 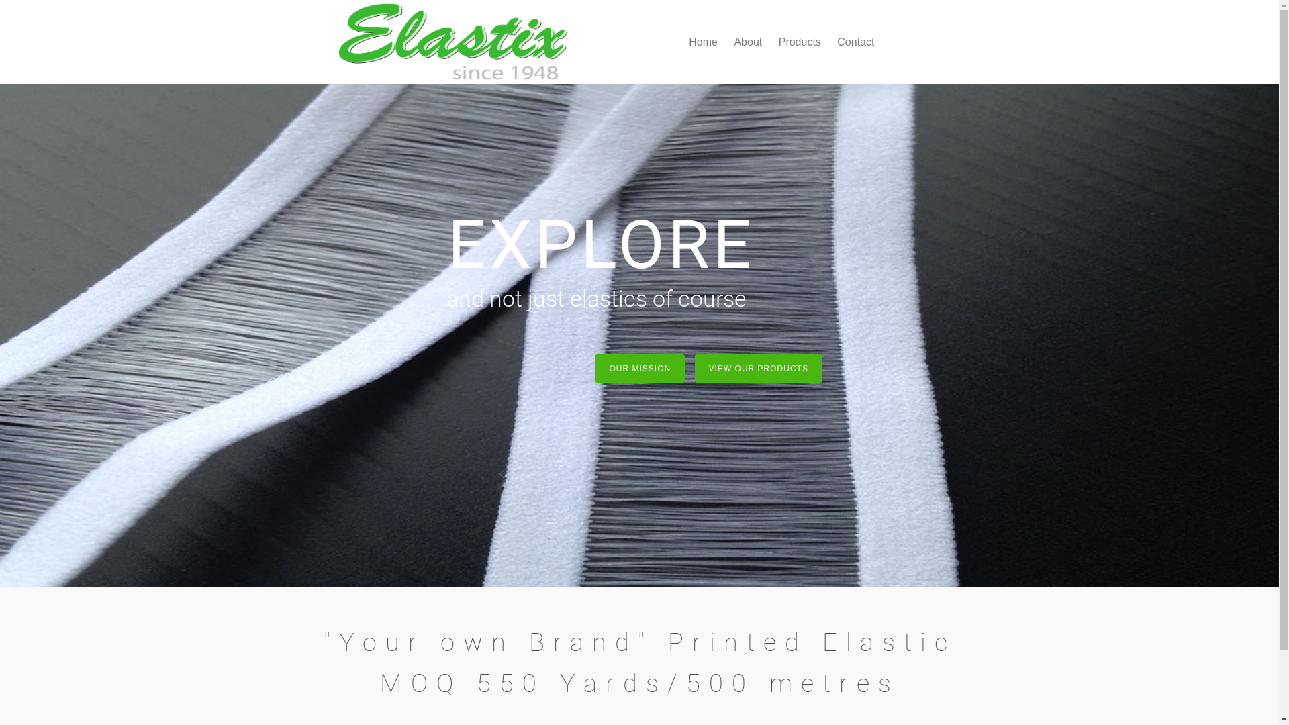 What do you see at coordinates (639, 368) in the screenshot?
I see `'OUR MISSION'` at bounding box center [639, 368].